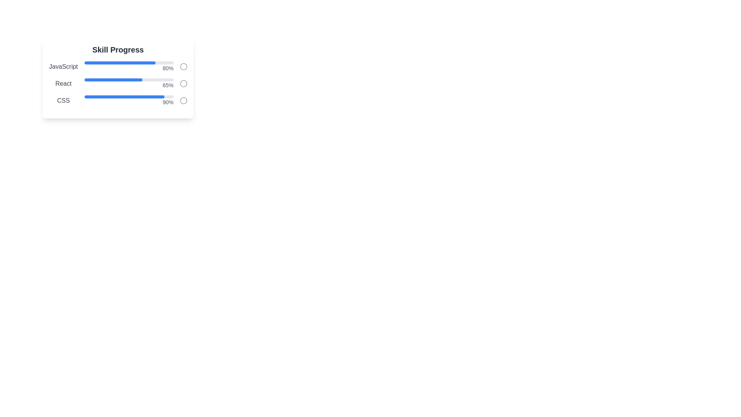  Describe the element at coordinates (118, 66) in the screenshot. I see `the circular icon on the JavaScript skill progress bar to interact with it` at that location.